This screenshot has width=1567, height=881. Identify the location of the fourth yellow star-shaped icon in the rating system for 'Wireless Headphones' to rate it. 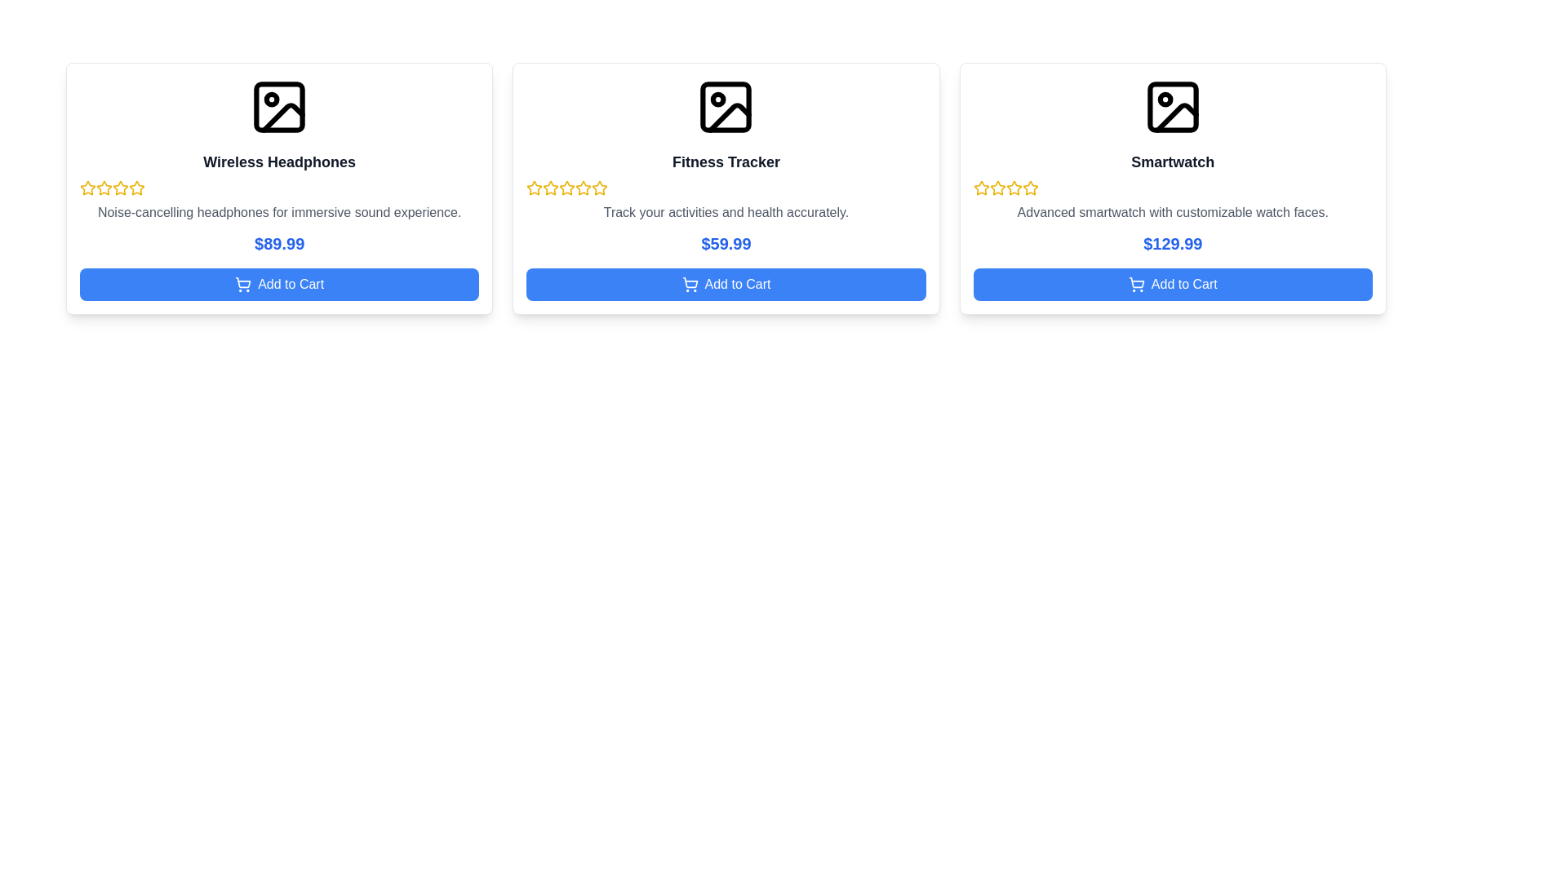
(137, 187).